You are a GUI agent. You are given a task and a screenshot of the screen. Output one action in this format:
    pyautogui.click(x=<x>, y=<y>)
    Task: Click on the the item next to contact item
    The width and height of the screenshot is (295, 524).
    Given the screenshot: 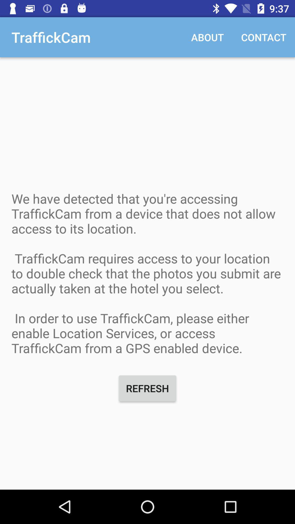 What is the action you would take?
    pyautogui.click(x=207, y=37)
    